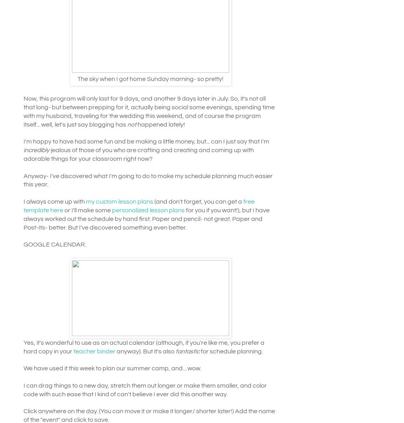 The width and height of the screenshot is (404, 423). Describe the element at coordinates (144, 351) in the screenshot. I see `'anyway). But it's also'` at that location.